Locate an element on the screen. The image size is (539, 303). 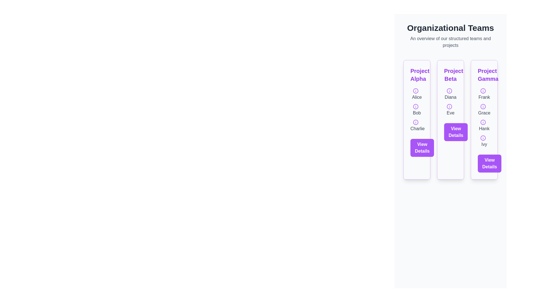
the placement of the circular icon with a purple stroke adjacent to the name 'Frank' in the Project Gamma section for contextual understanding is located at coordinates (483, 90).